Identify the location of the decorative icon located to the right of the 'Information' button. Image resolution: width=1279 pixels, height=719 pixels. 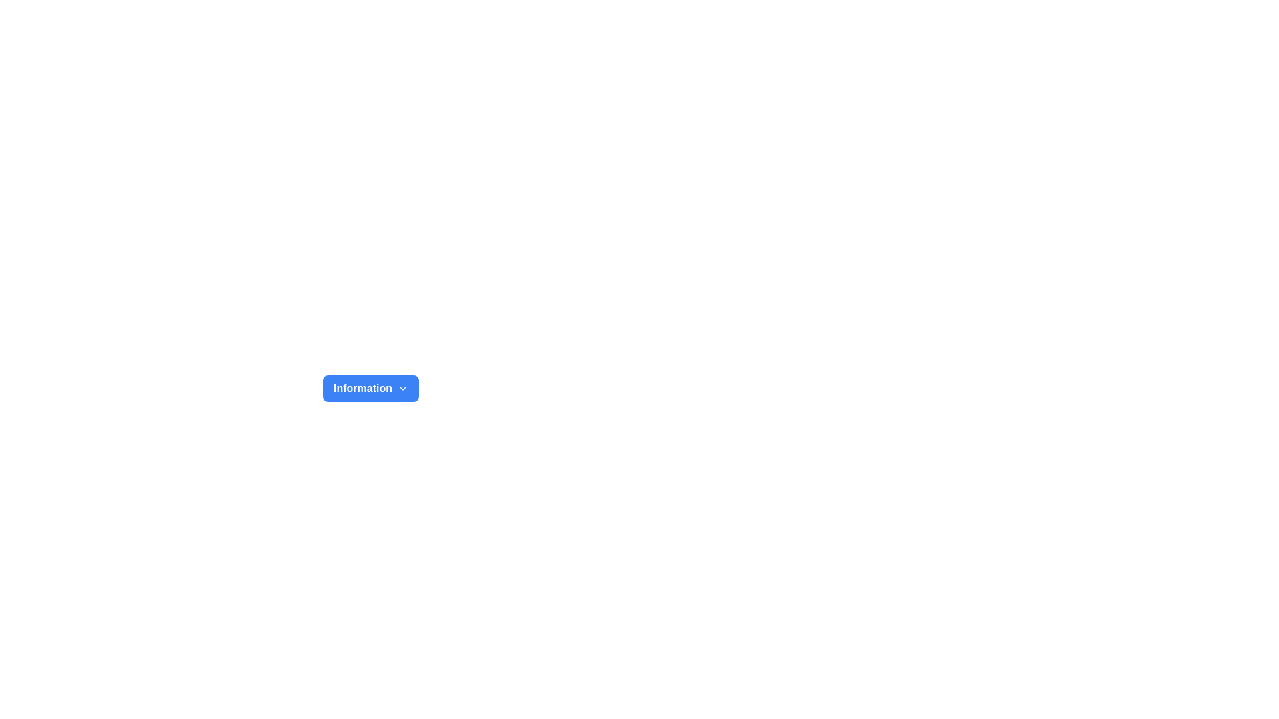
(402, 388).